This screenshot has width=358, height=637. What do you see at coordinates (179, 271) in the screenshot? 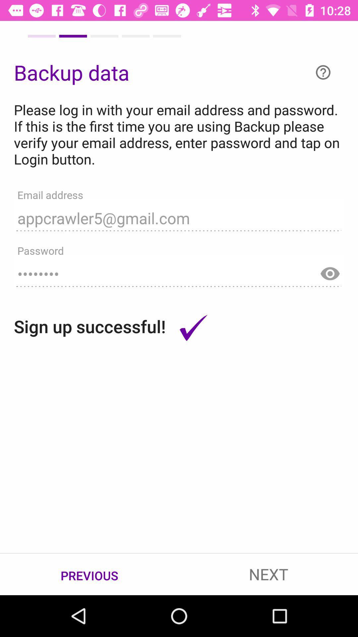
I see `the 12345678 item` at bounding box center [179, 271].